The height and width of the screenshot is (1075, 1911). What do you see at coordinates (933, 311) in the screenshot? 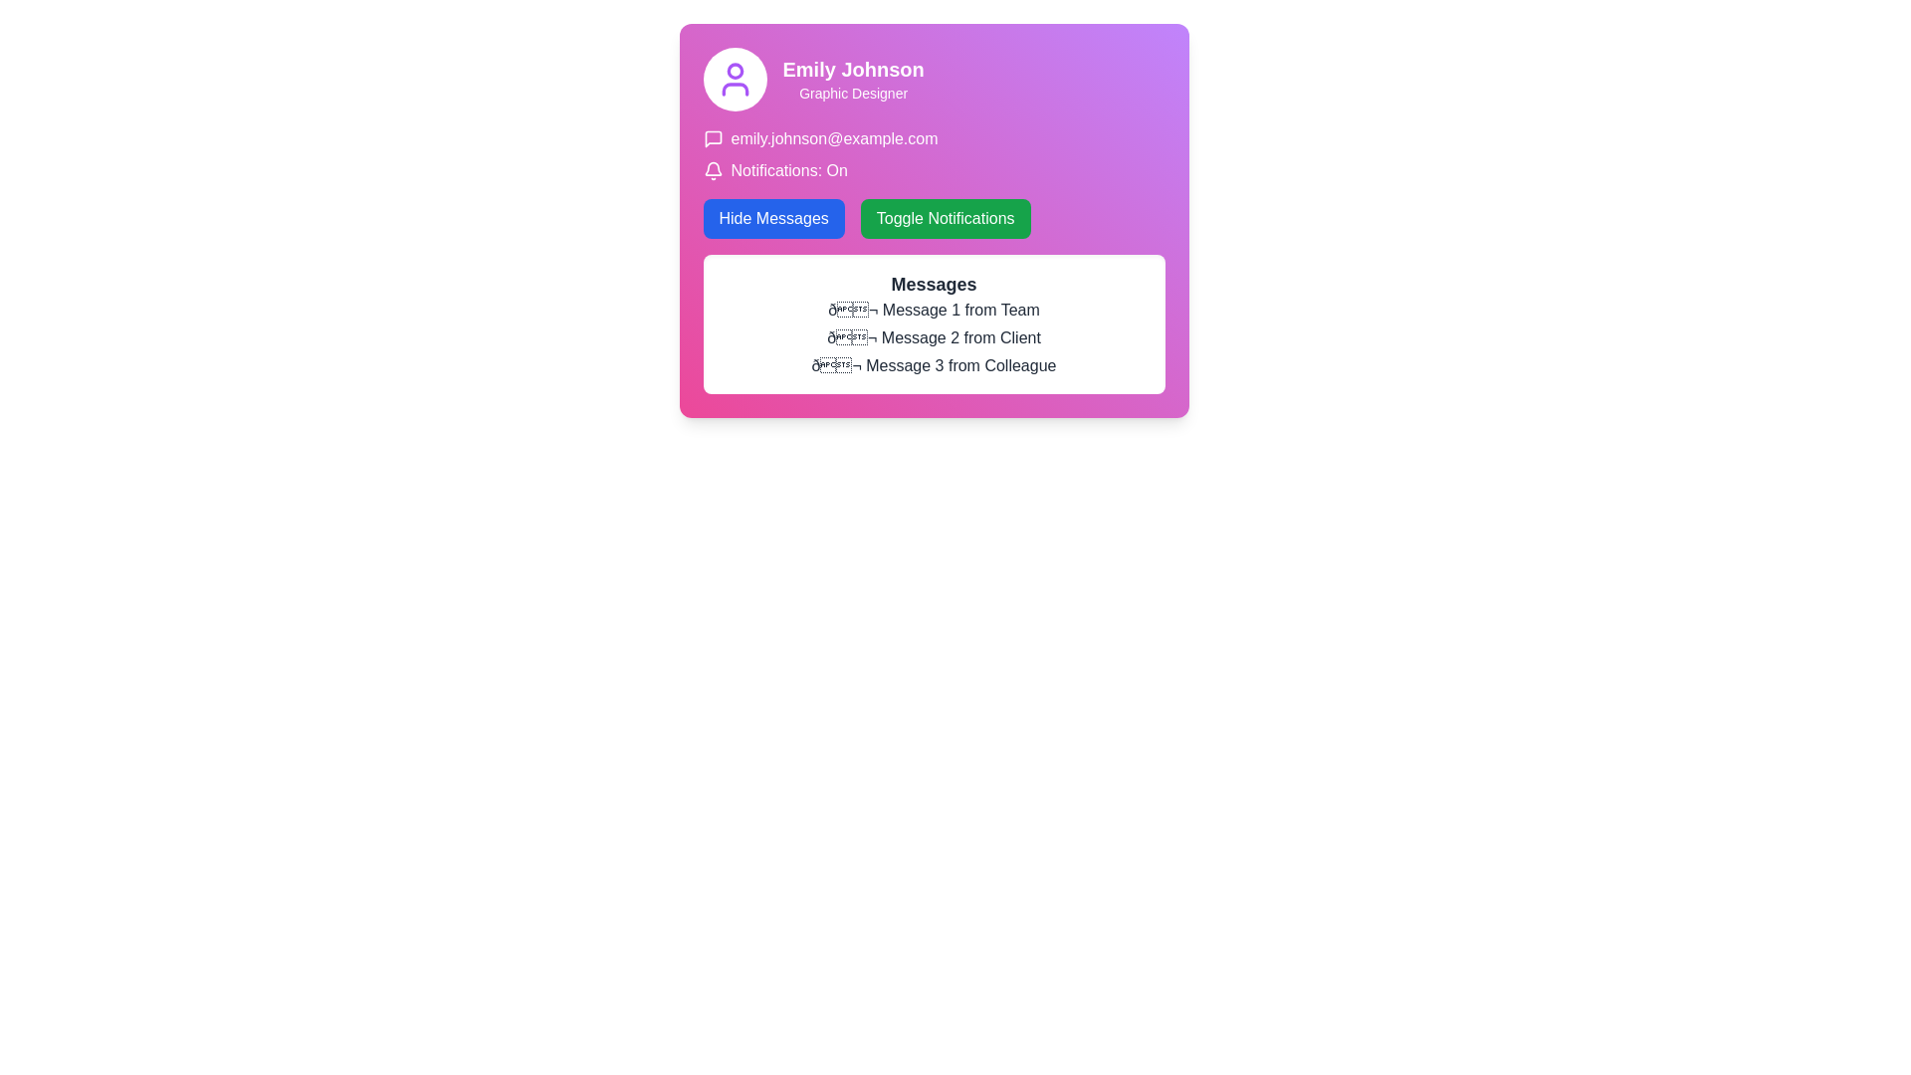
I see `the text label that starts with an emoji (a bubble icon) and contains the text 'Message 1 from Team', which is the first item in a vertical list of messages under the section header 'Messages'` at bounding box center [933, 311].